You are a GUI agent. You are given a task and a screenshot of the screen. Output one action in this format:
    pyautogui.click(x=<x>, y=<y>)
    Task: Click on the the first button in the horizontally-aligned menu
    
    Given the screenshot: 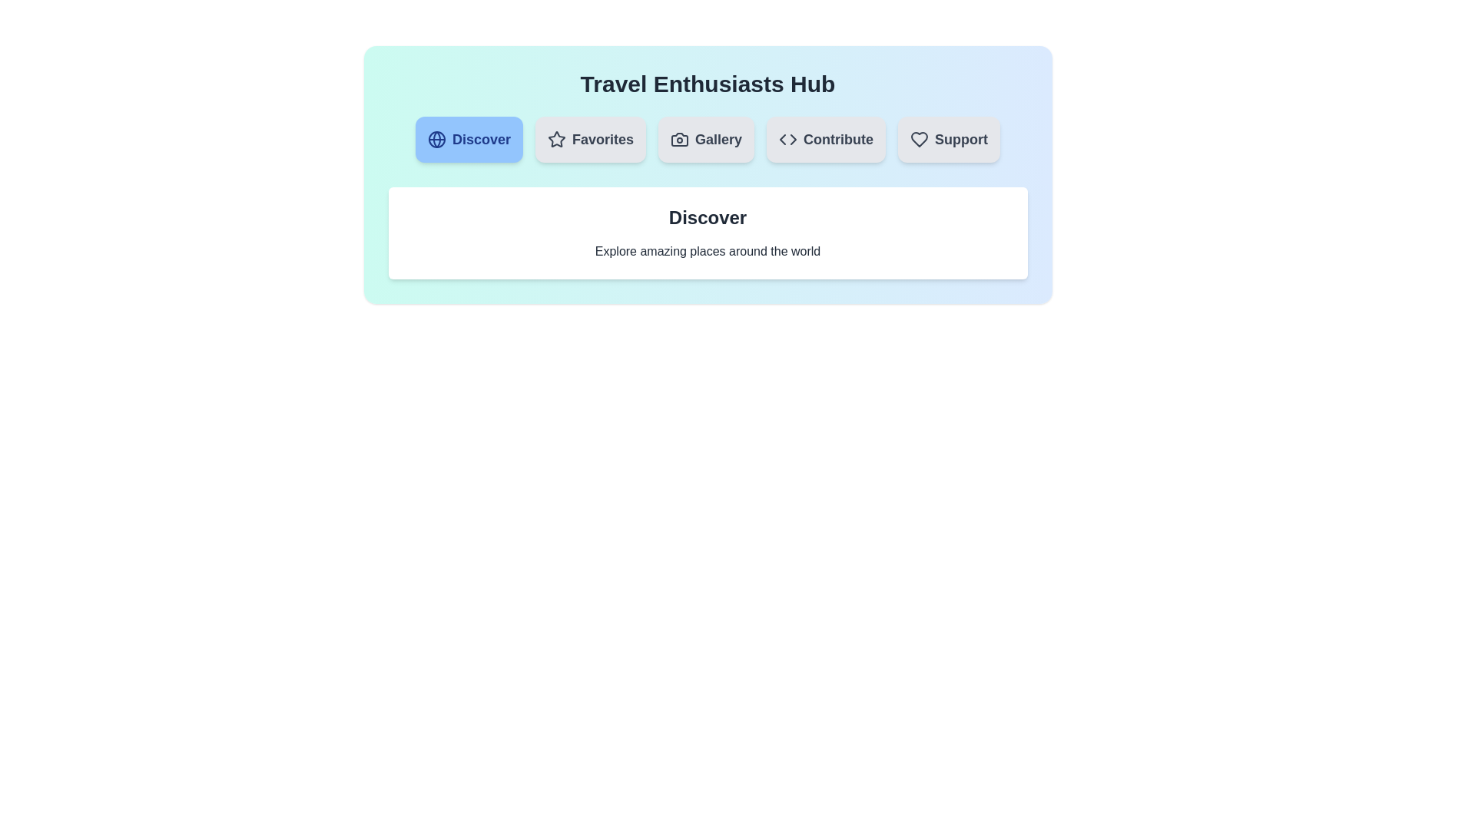 What is the action you would take?
    pyautogui.click(x=468, y=139)
    